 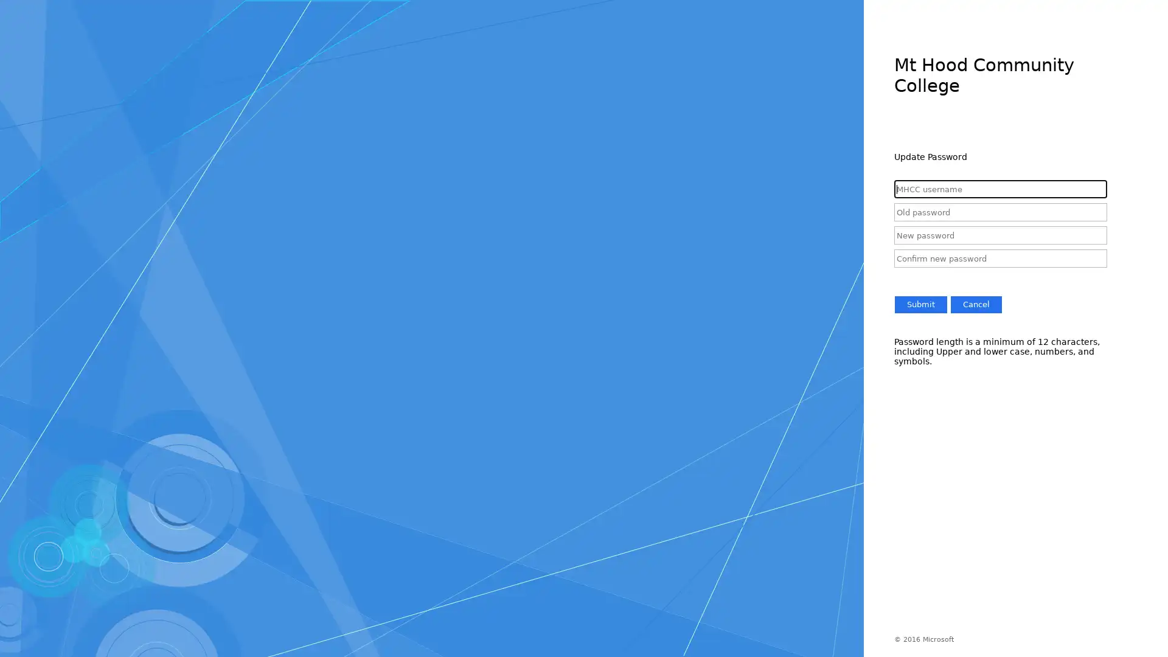 What do you see at coordinates (976, 304) in the screenshot?
I see `Cancel` at bounding box center [976, 304].